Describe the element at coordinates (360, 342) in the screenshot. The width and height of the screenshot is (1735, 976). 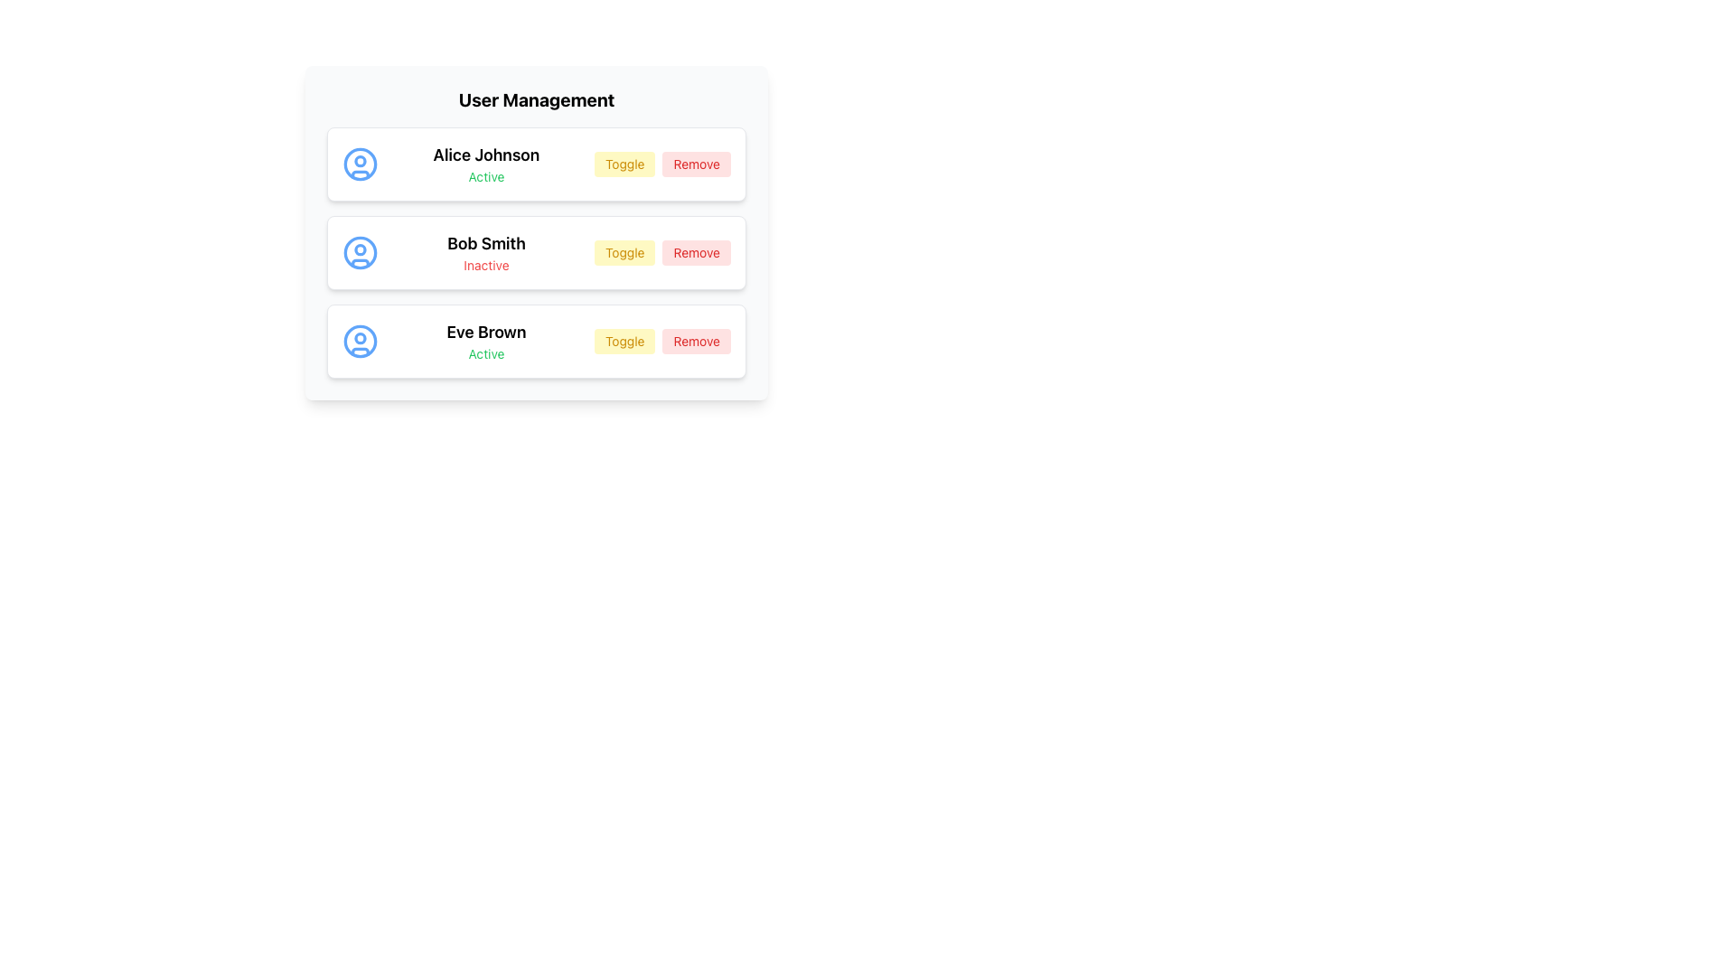
I see `the outermost circle of the user profile icon for 'Eve Brown' in the 'User Management' section` at that location.